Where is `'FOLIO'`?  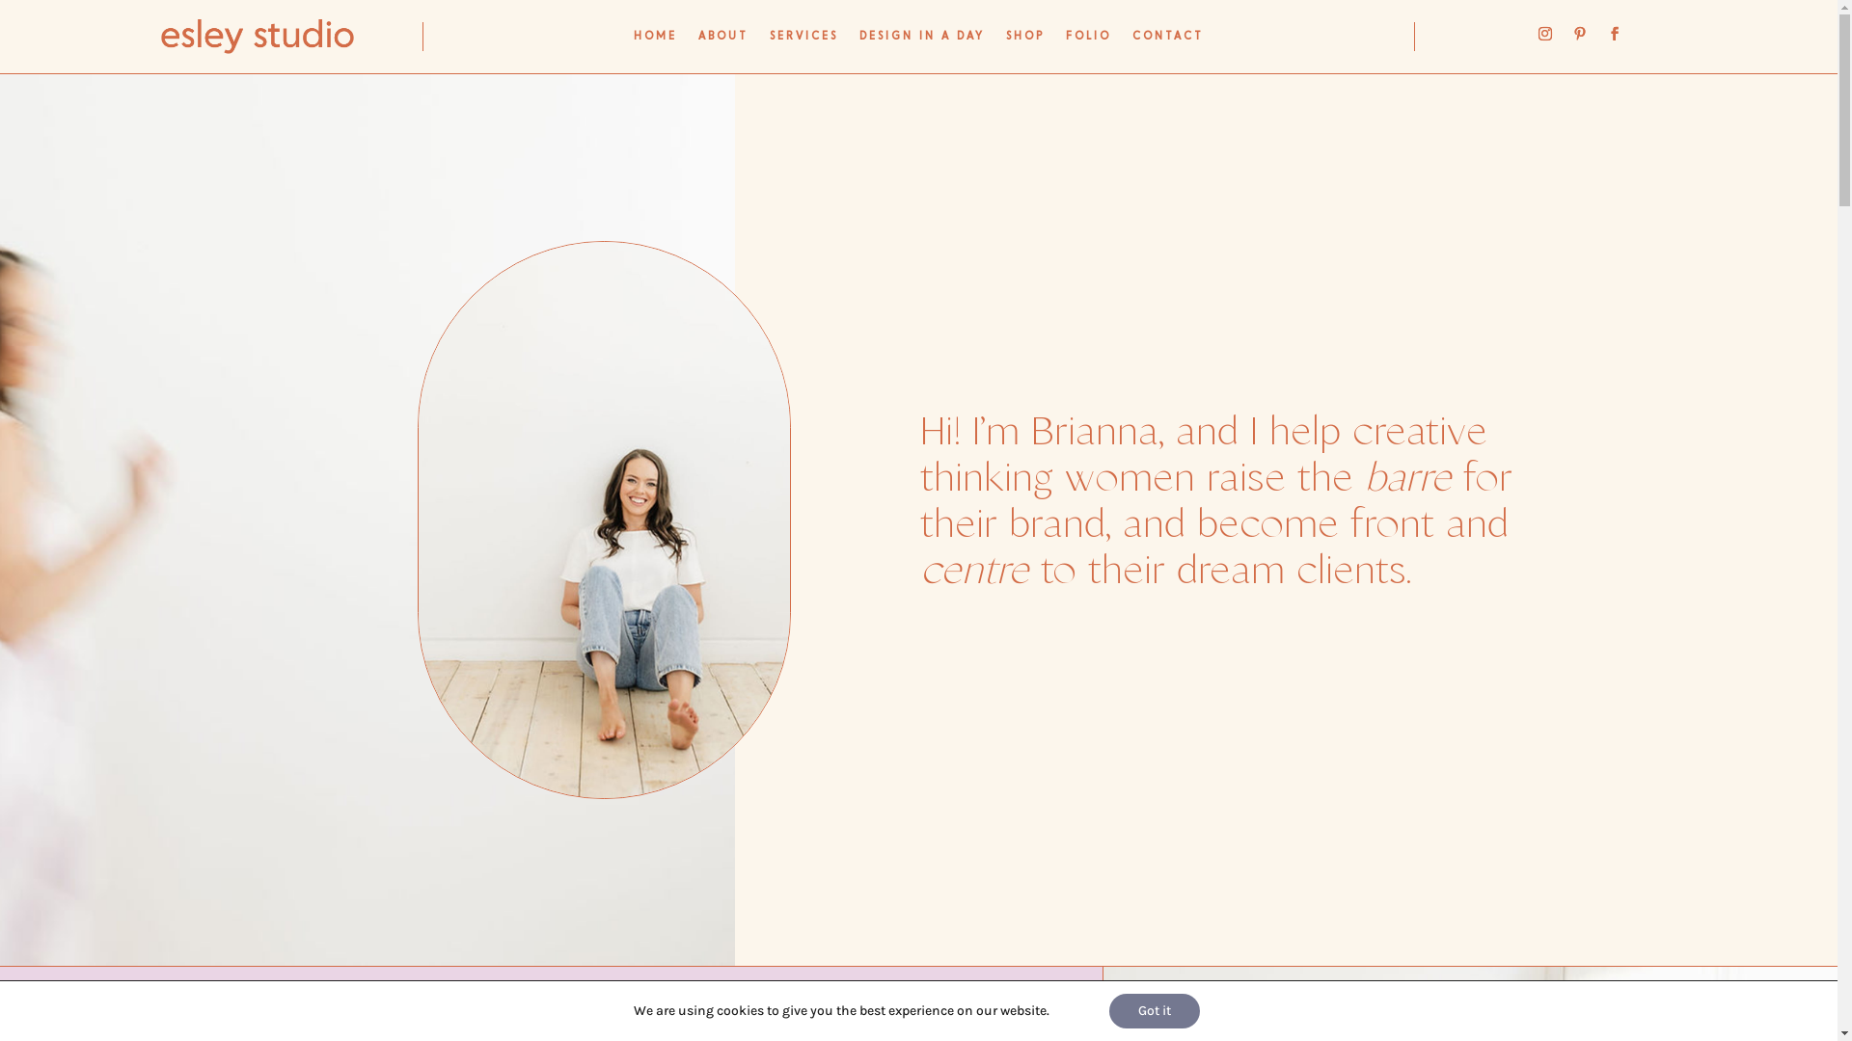
'FOLIO' is located at coordinates (1088, 40).